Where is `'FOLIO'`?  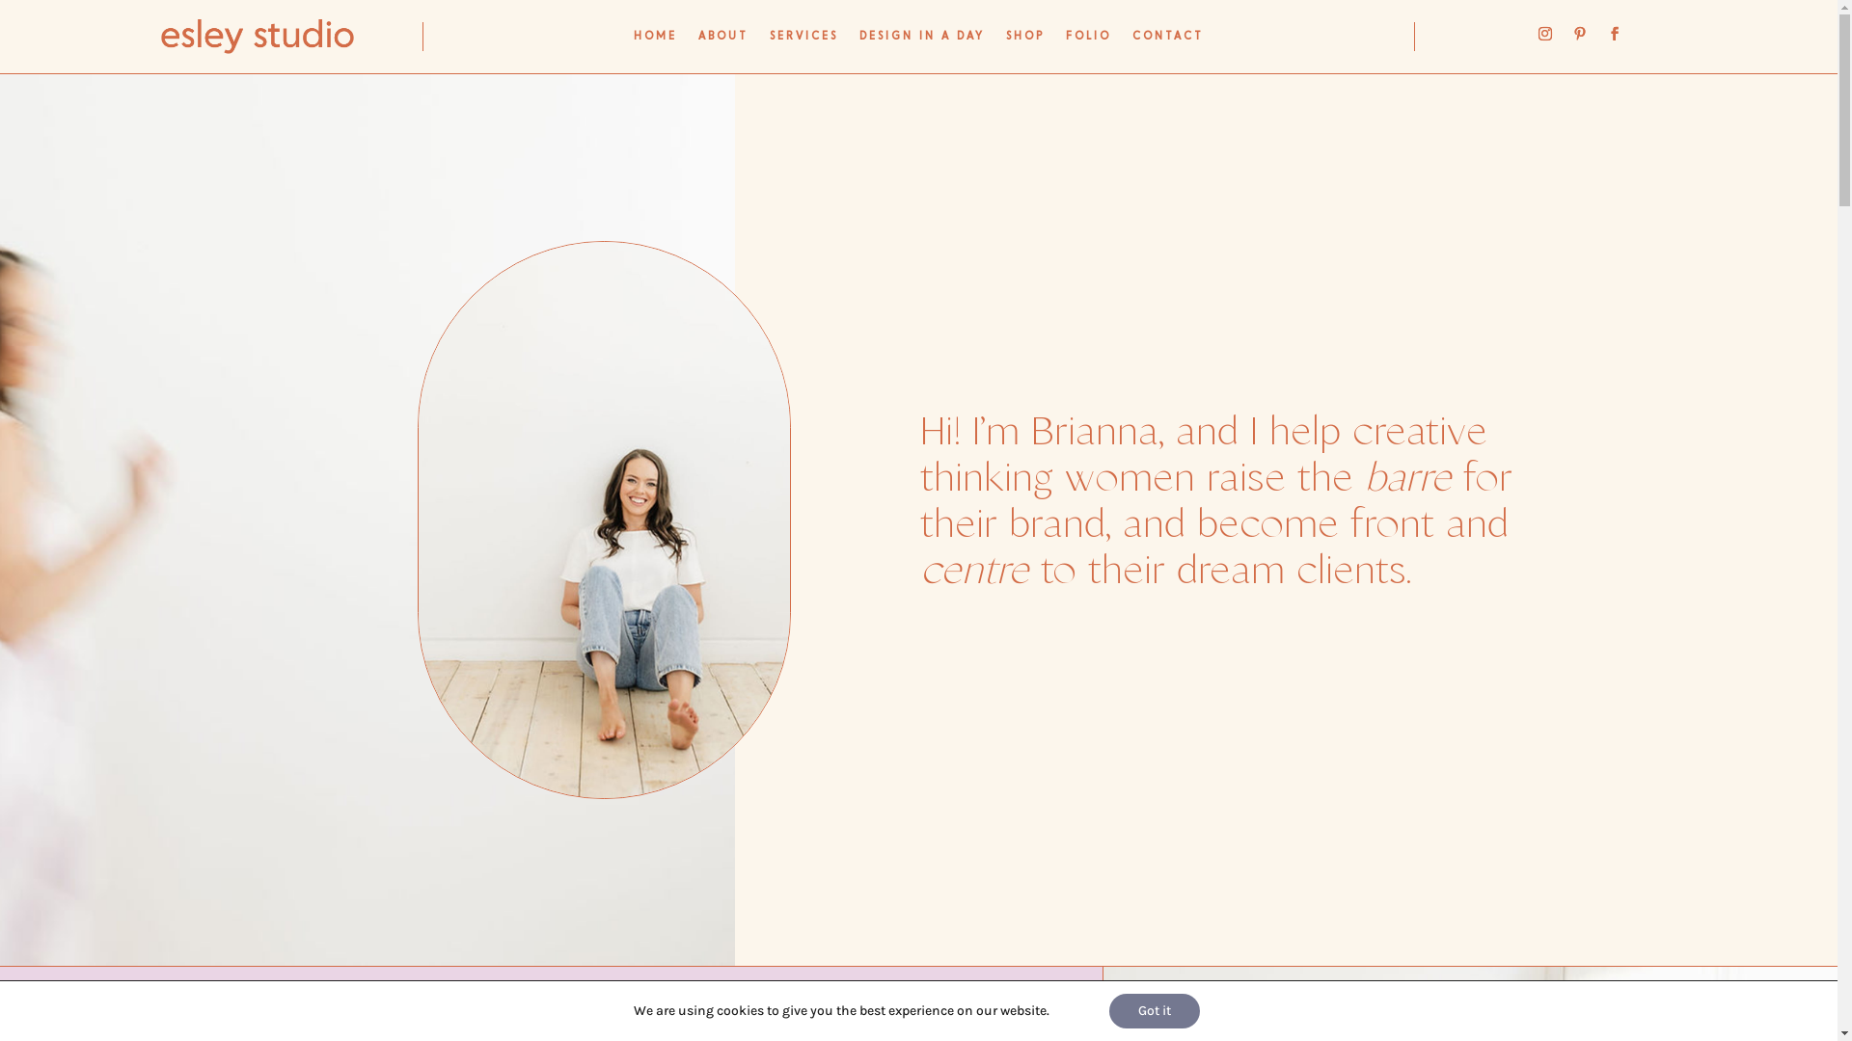
'FOLIO' is located at coordinates (1088, 40).